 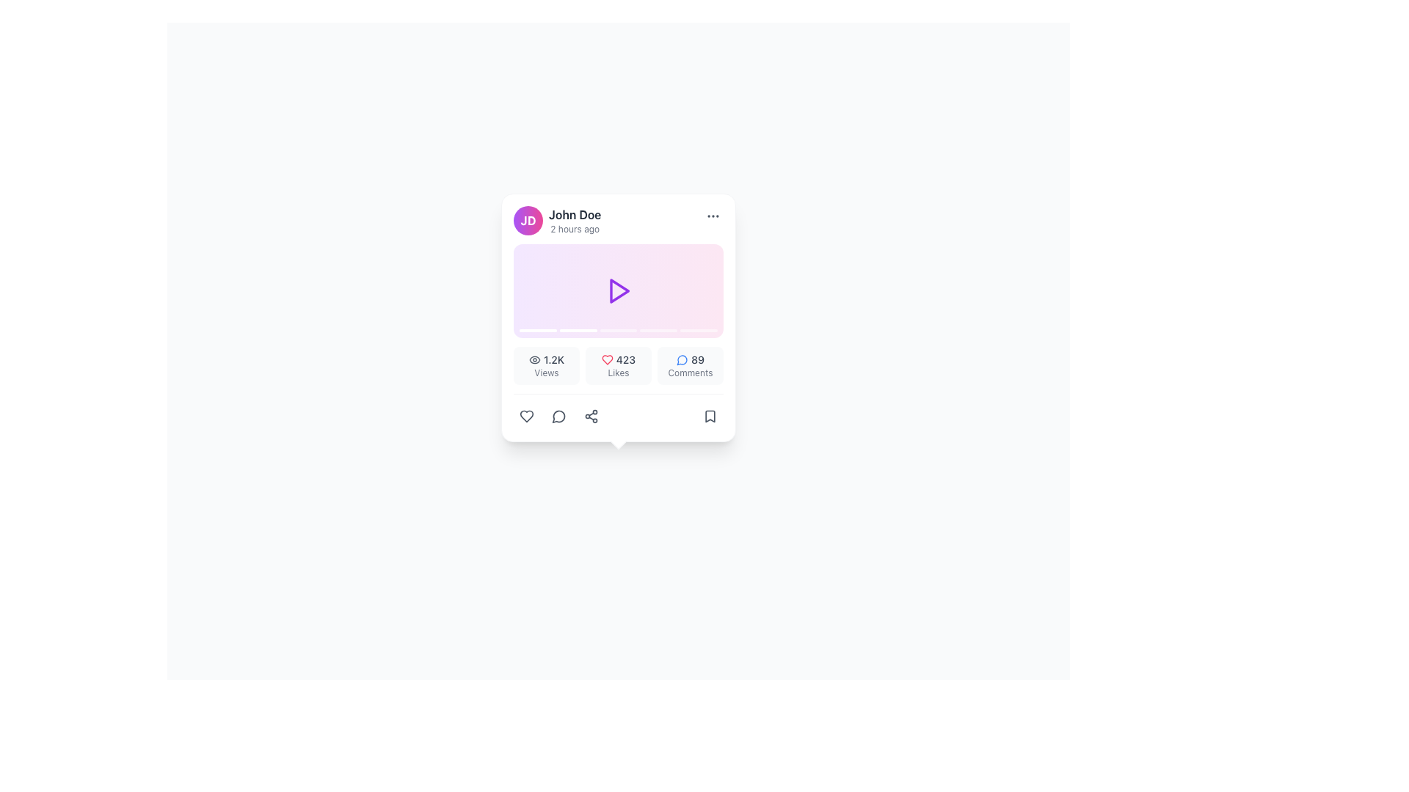 What do you see at coordinates (619, 364) in the screenshot?
I see `the Information display element, which features a heart icon and the bold number '423' indicating likes, set against a light gray background` at bounding box center [619, 364].